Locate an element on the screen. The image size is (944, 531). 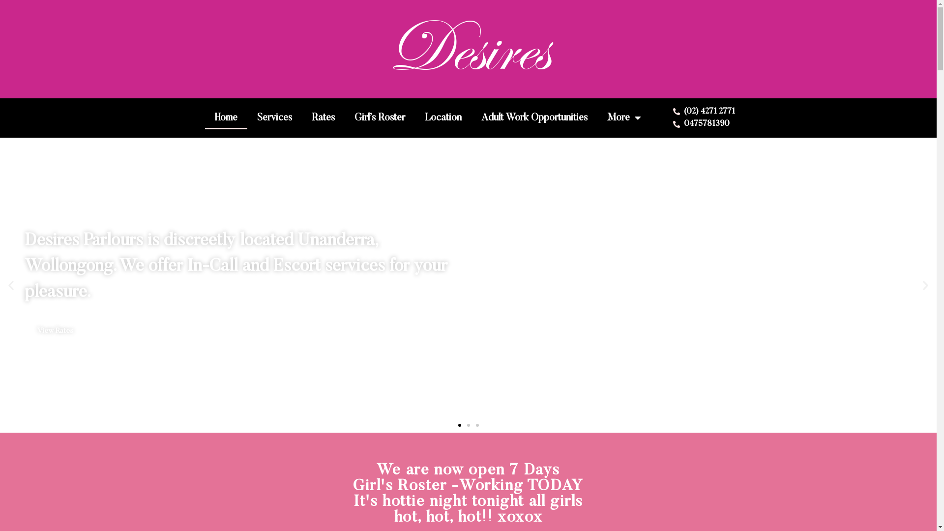
'Rates' is located at coordinates (323, 117).